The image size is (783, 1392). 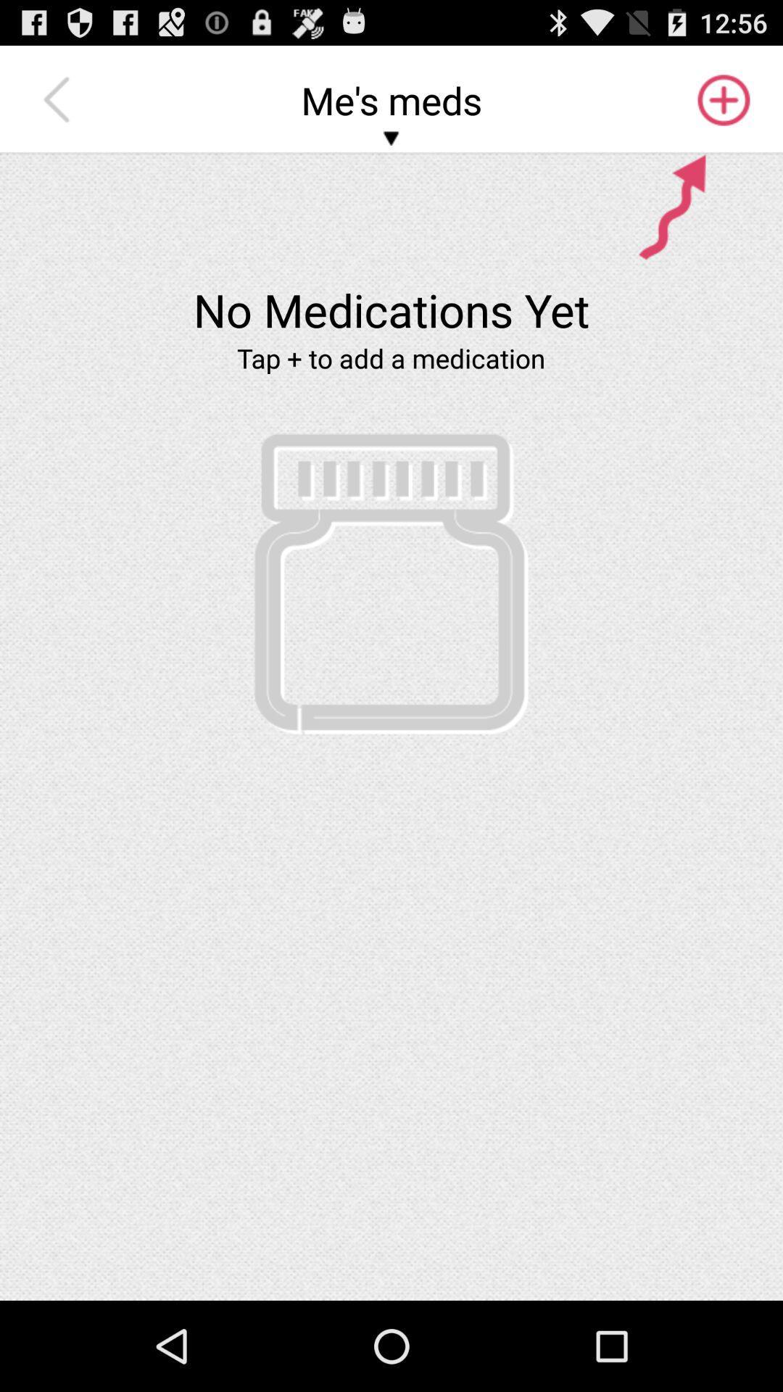 I want to click on the icon to the right of me's meds, so click(x=722, y=99).